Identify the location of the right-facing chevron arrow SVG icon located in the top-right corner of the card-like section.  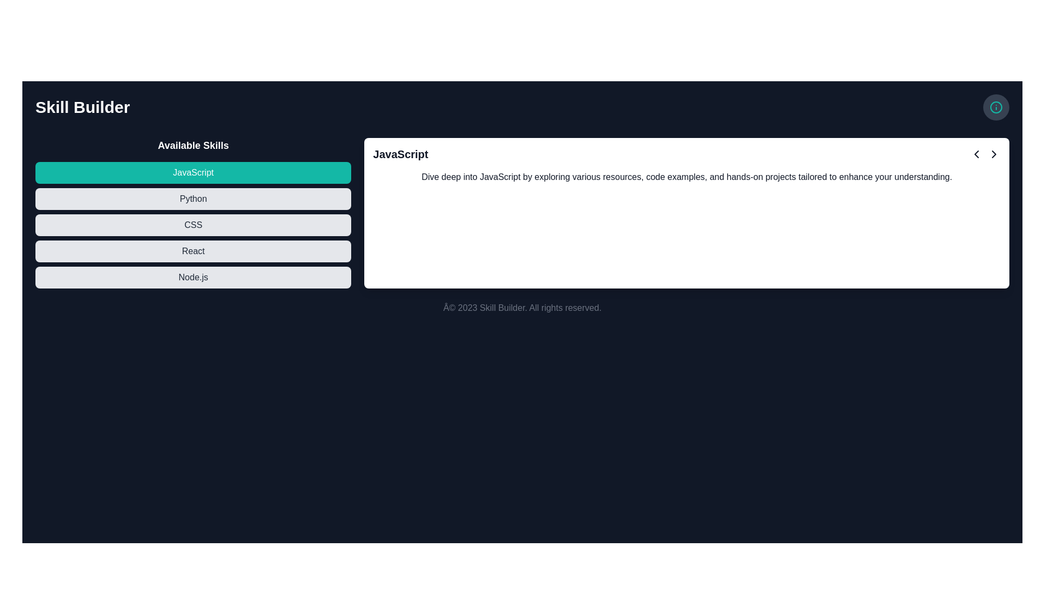
(994, 154).